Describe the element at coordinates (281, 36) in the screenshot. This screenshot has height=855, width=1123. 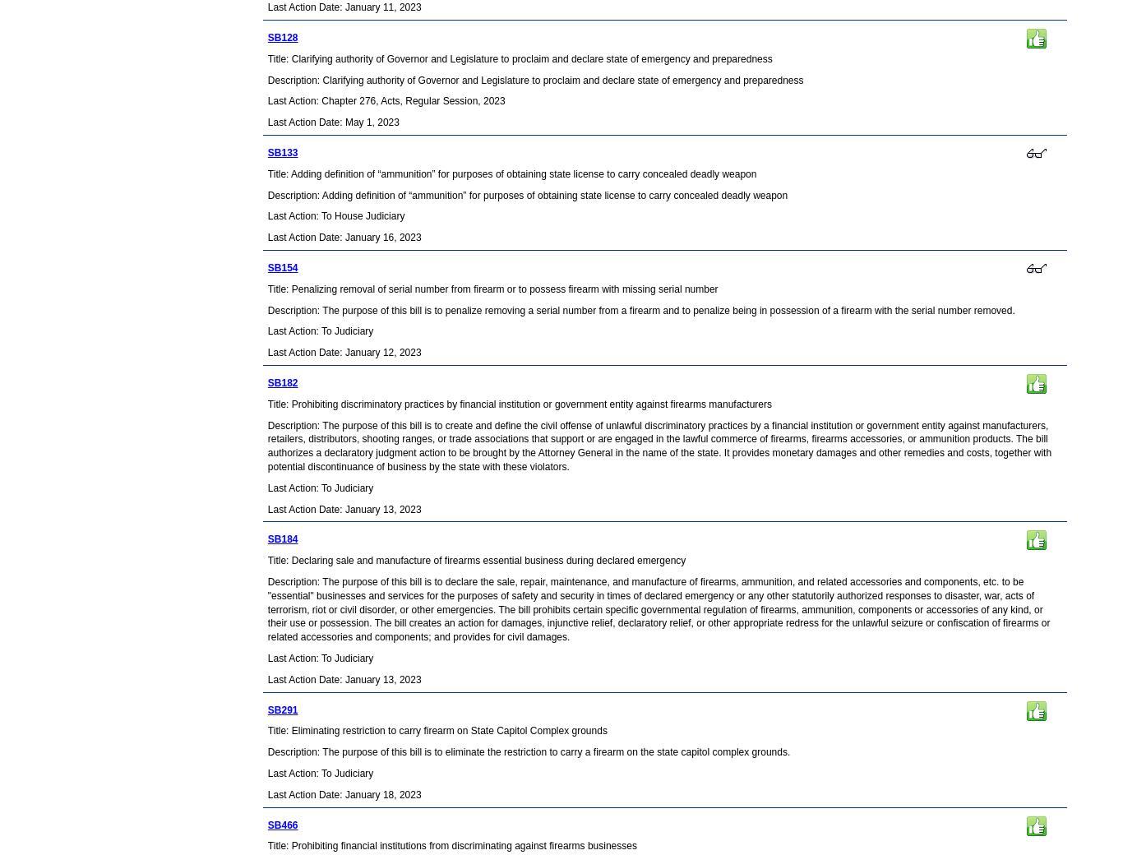
I see `'SB128'` at that location.